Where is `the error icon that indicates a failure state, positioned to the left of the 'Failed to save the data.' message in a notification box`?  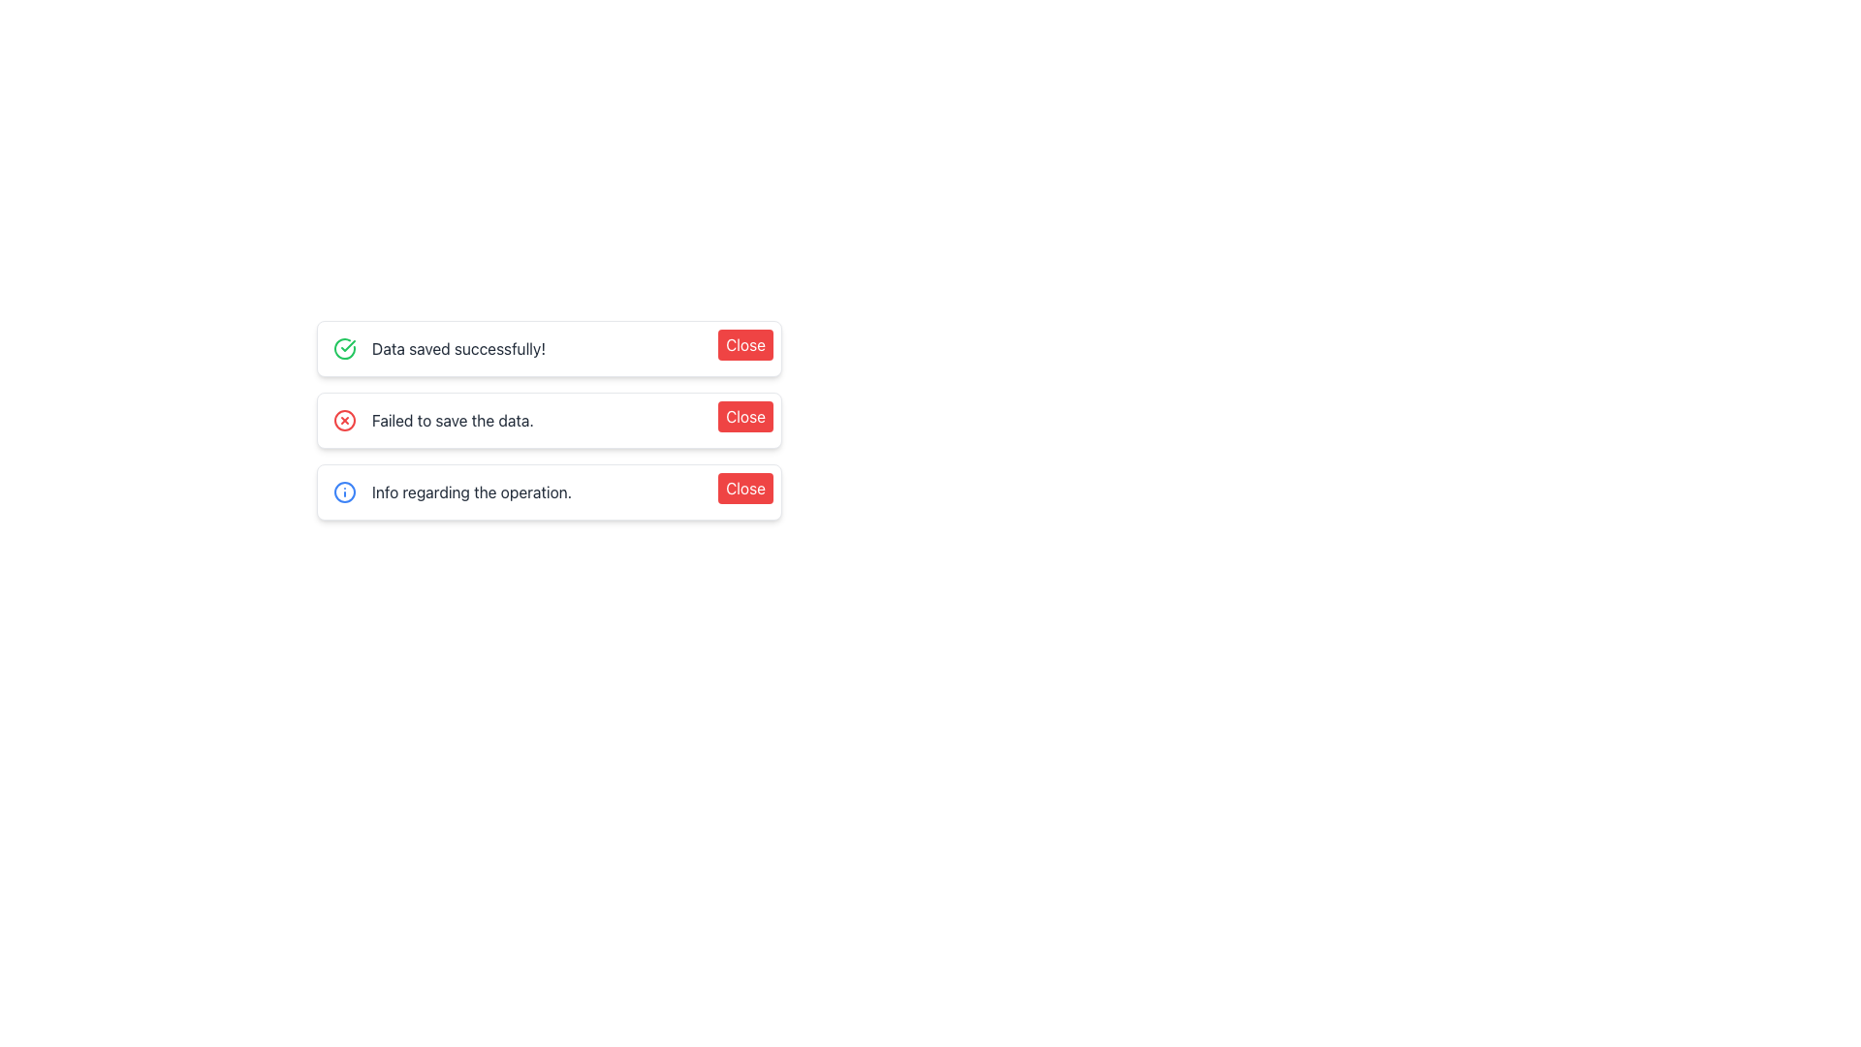 the error icon that indicates a failure state, positioned to the left of the 'Failed to save the data.' message in a notification box is located at coordinates (344, 420).